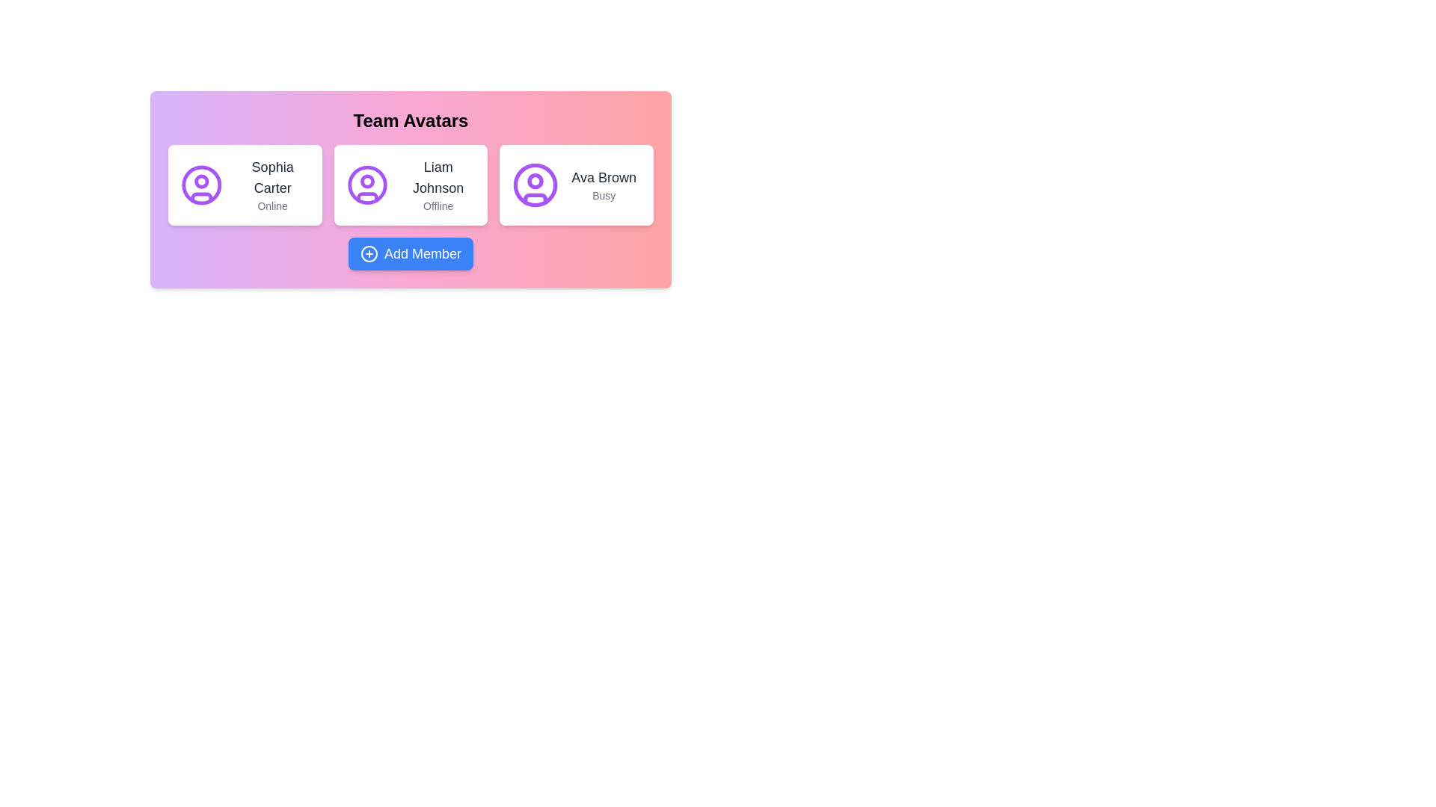 This screenshot has height=807, width=1436. Describe the element at coordinates (200, 181) in the screenshot. I see `the graphical detail within the first profile icon, which is part of a row of three profile icons located near the top of the interface` at that location.